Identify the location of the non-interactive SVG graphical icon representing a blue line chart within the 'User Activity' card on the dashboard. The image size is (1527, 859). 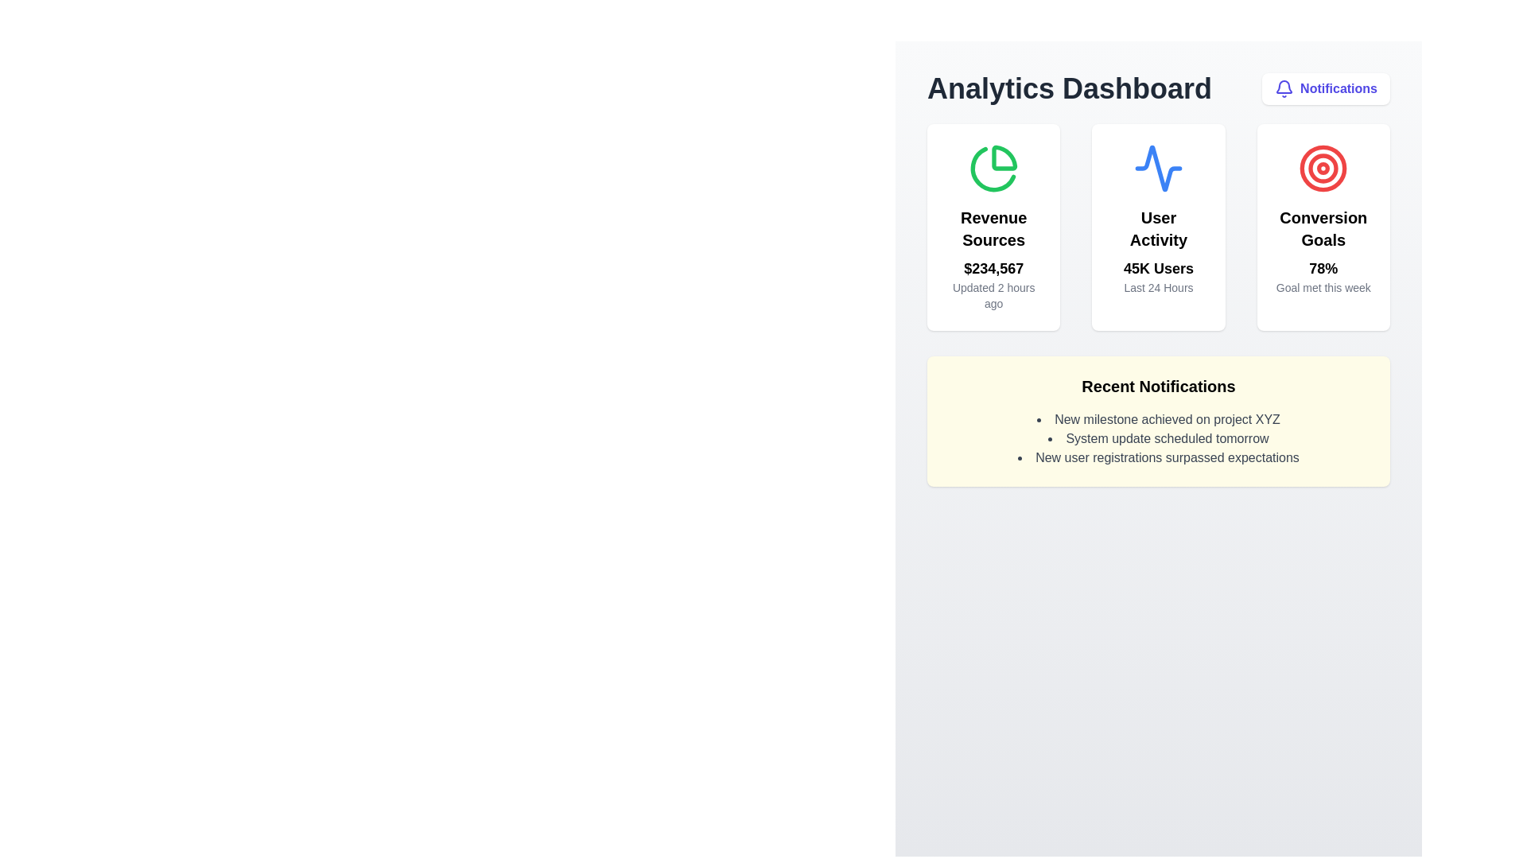
(1158, 169).